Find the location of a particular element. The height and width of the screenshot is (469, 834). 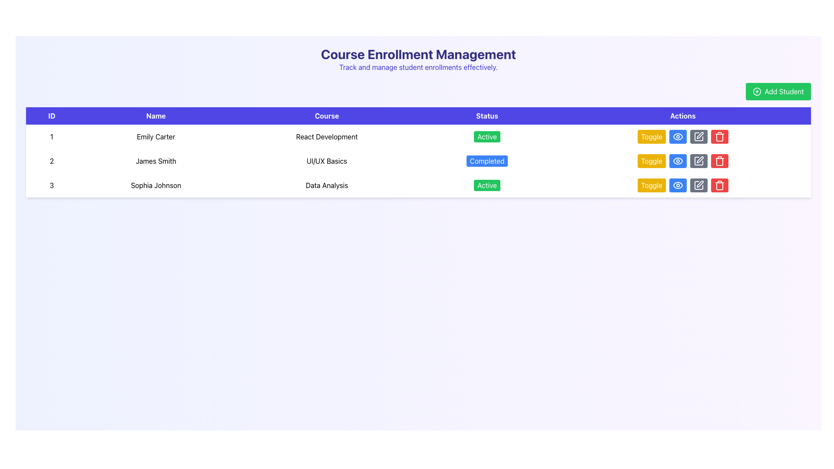

the Table Header labeled 'Course', which is the third header column in the table, positioned between 'Name' and 'Status' is located at coordinates (326, 115).